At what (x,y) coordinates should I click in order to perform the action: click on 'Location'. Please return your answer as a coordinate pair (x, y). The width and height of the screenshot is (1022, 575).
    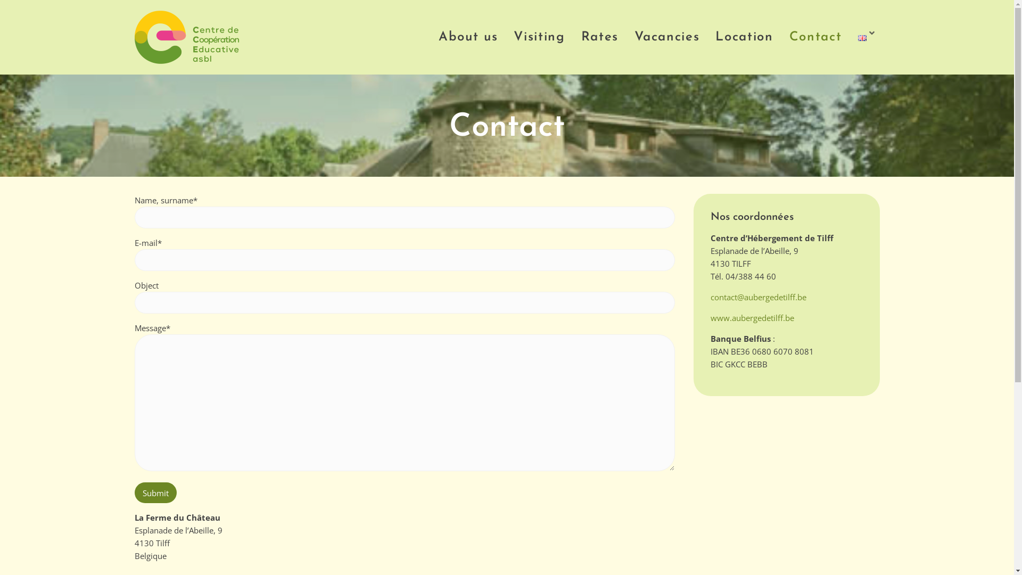
    Looking at the image, I should click on (743, 36).